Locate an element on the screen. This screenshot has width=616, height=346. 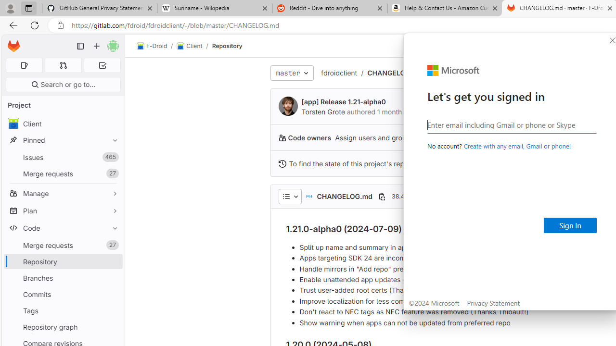
'Create with any email, Gmail or phone!' is located at coordinates (516, 146).